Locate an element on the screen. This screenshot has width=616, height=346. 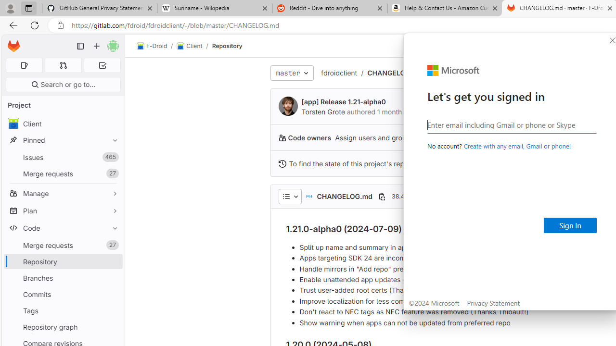
'Create with any email, Gmail or phone!' is located at coordinates (516, 146).